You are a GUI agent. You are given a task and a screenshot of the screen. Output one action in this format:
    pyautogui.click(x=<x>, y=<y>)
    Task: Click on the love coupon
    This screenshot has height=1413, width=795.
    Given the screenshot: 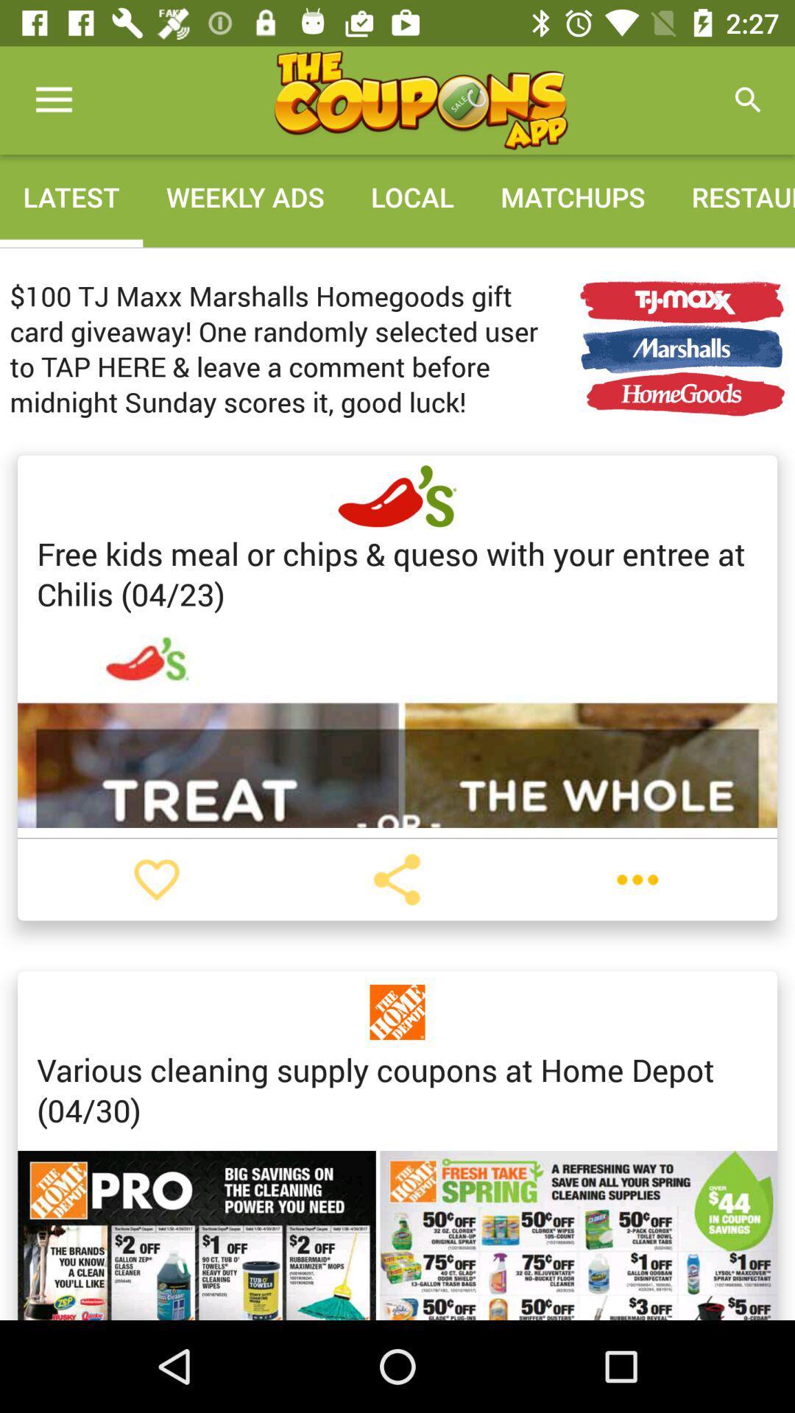 What is the action you would take?
    pyautogui.click(x=156, y=879)
    